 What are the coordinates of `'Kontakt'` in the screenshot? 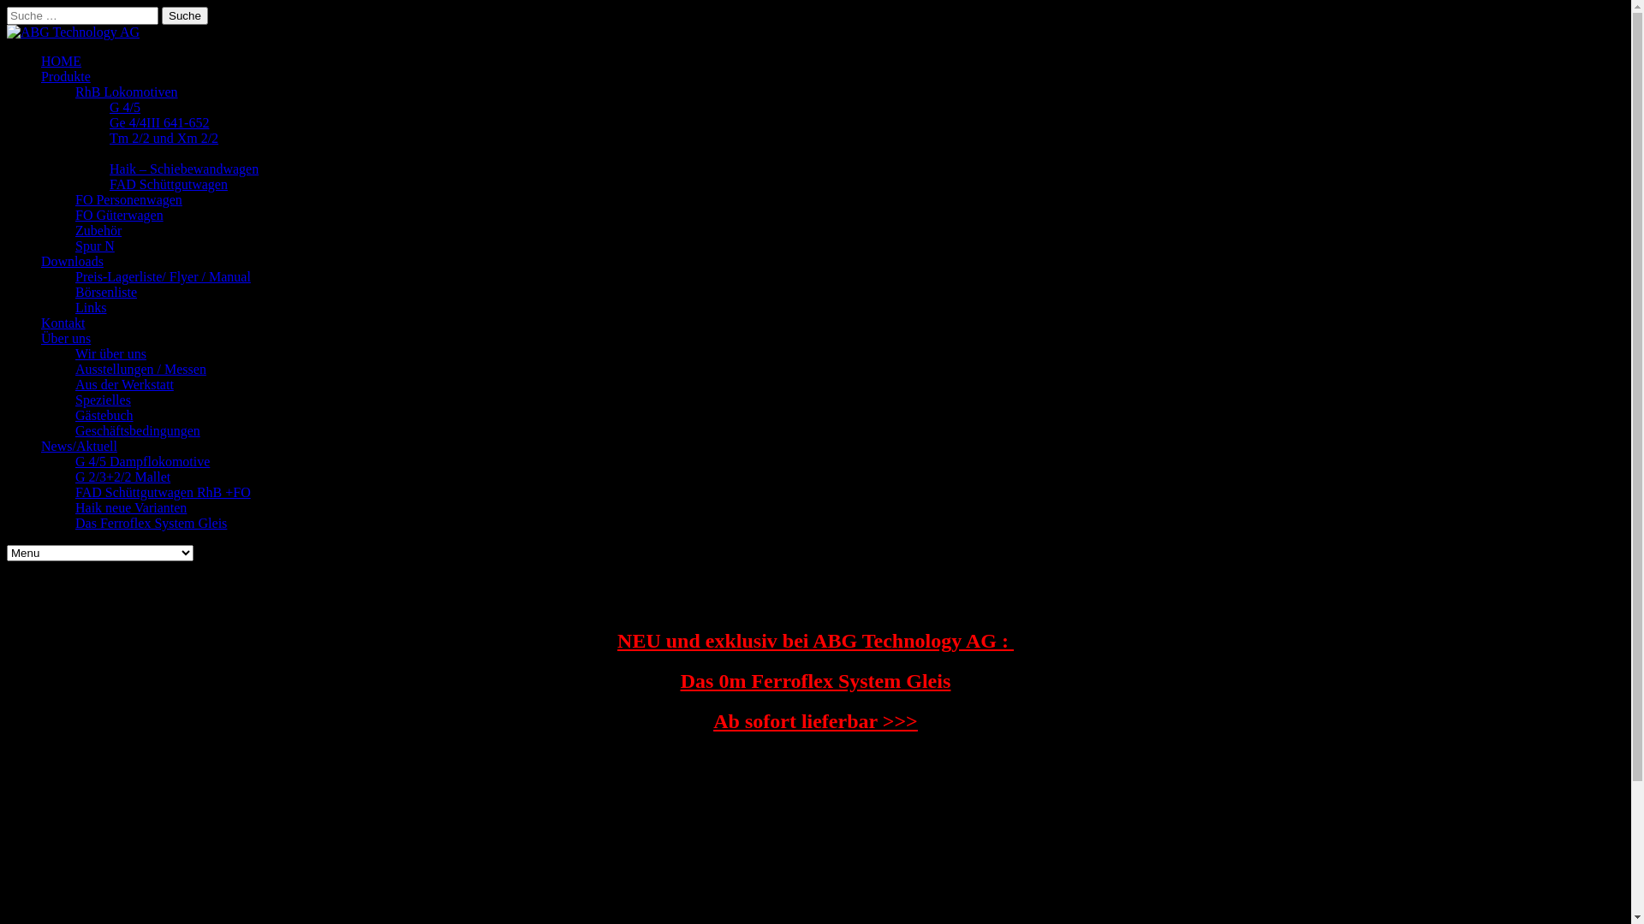 It's located at (63, 323).